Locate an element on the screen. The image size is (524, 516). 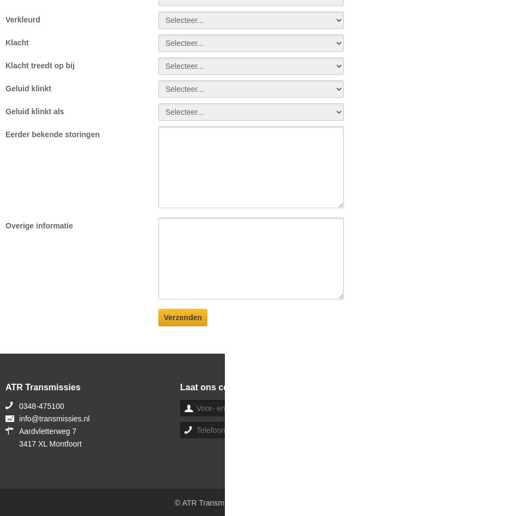
'ATR Transmissies' is located at coordinates (43, 387).